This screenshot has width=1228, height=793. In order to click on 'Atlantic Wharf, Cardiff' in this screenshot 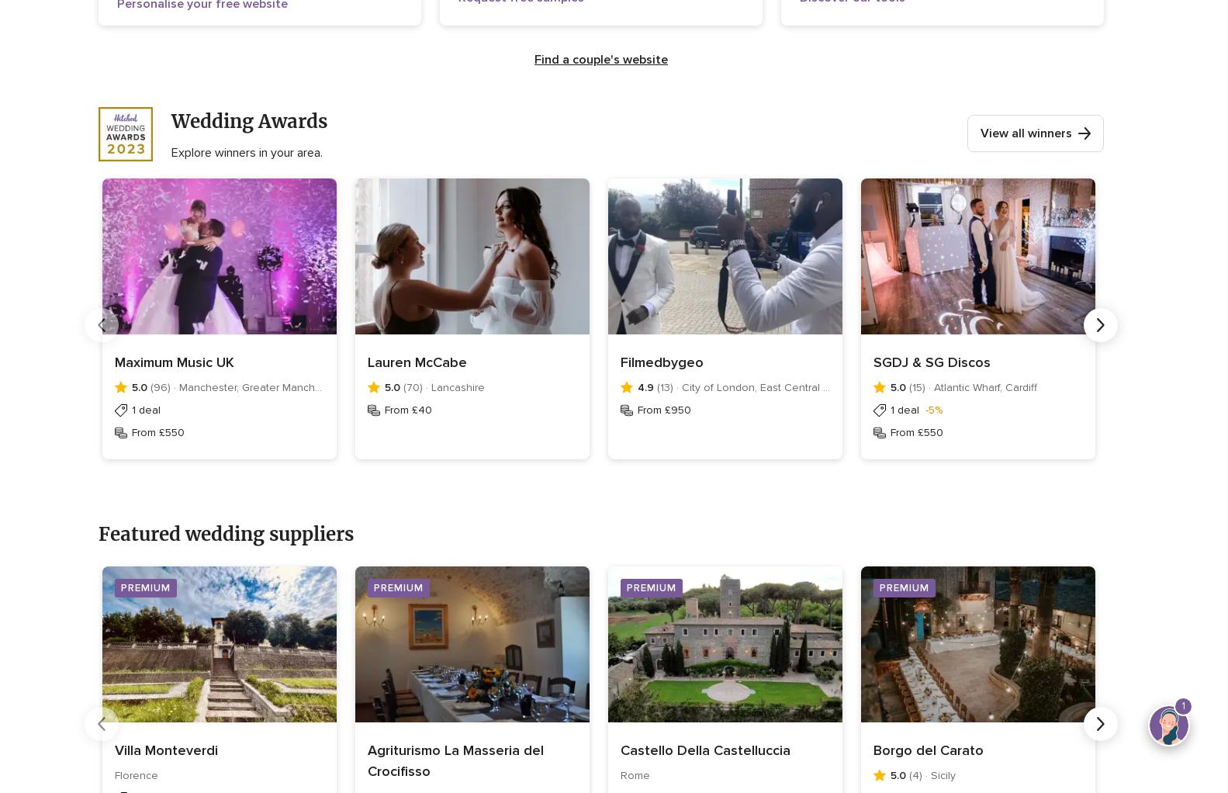, I will do `click(984, 387)`.